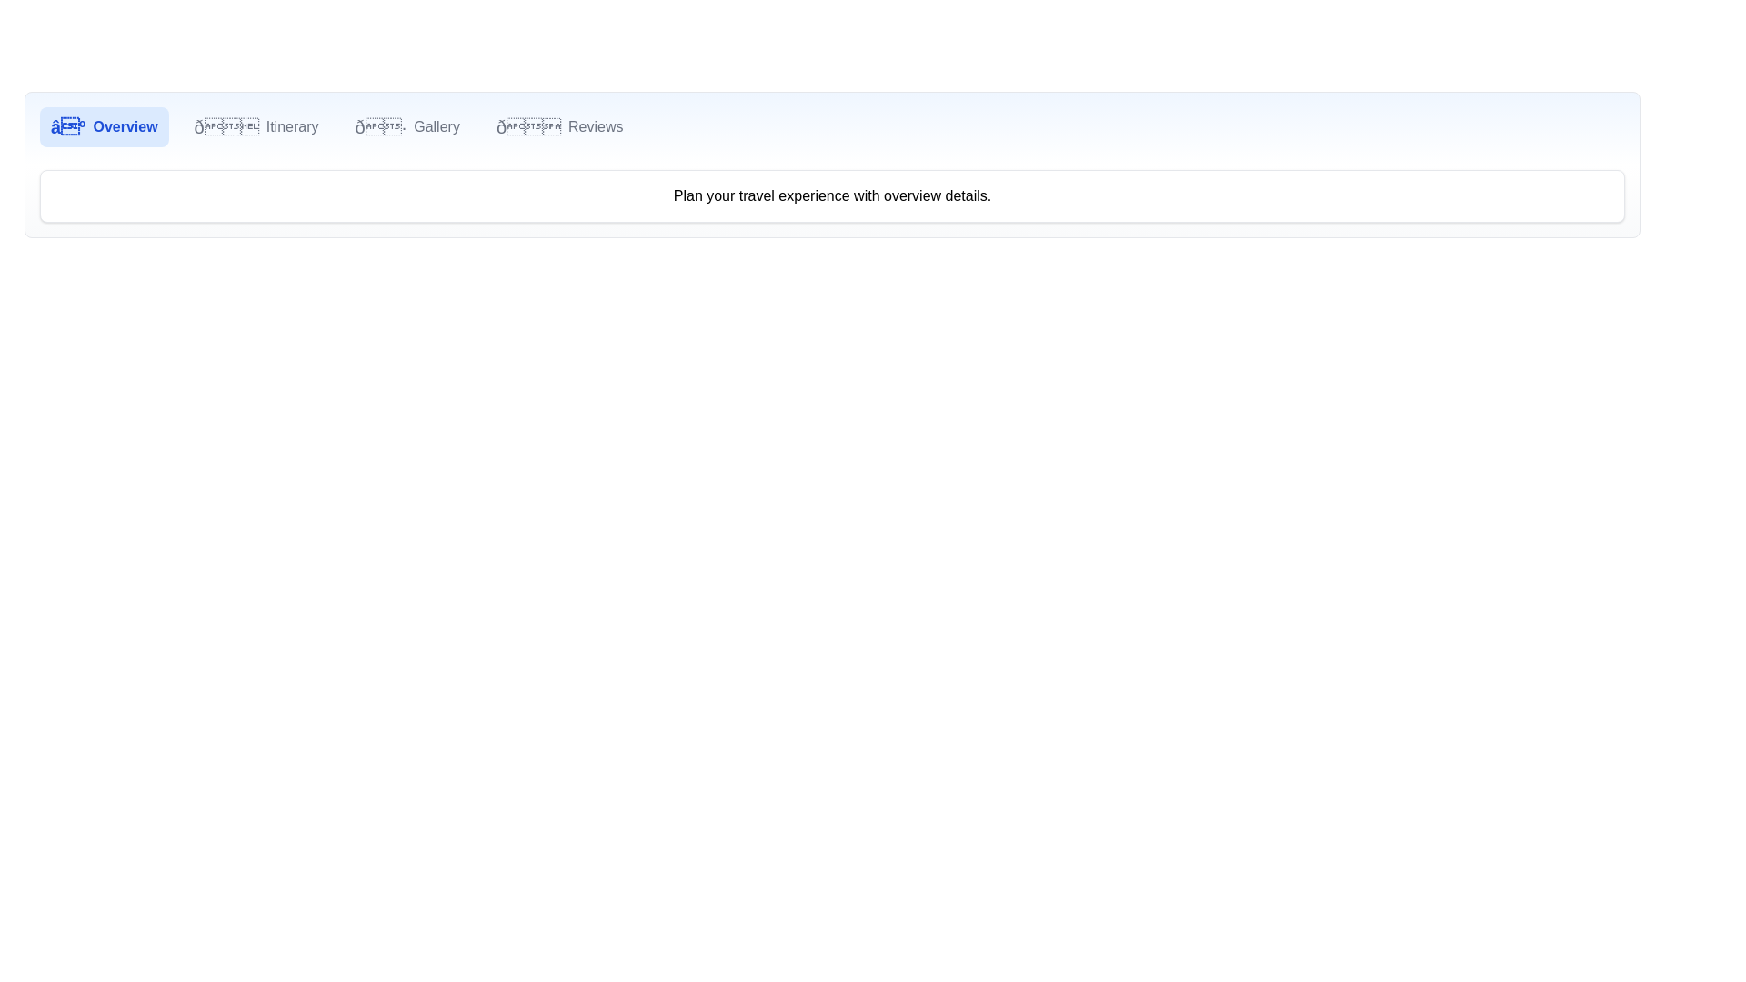 Image resolution: width=1746 pixels, height=982 pixels. I want to click on the Itinerary tab by clicking its corresponding button, so click(256, 125).